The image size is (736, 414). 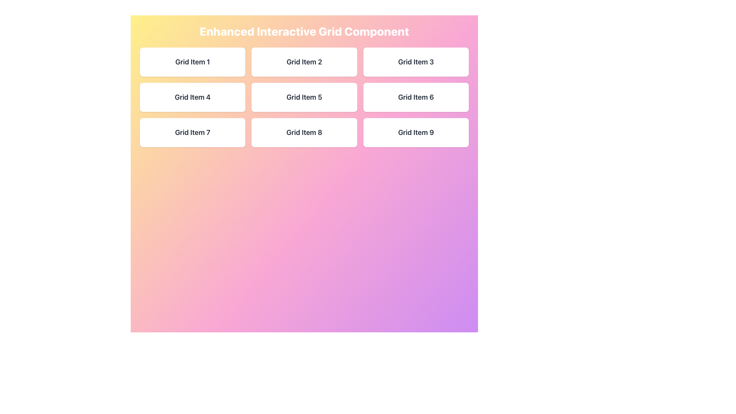 I want to click on to select the interactive grid item located in the second row and third column of the grid, so click(x=416, y=97).